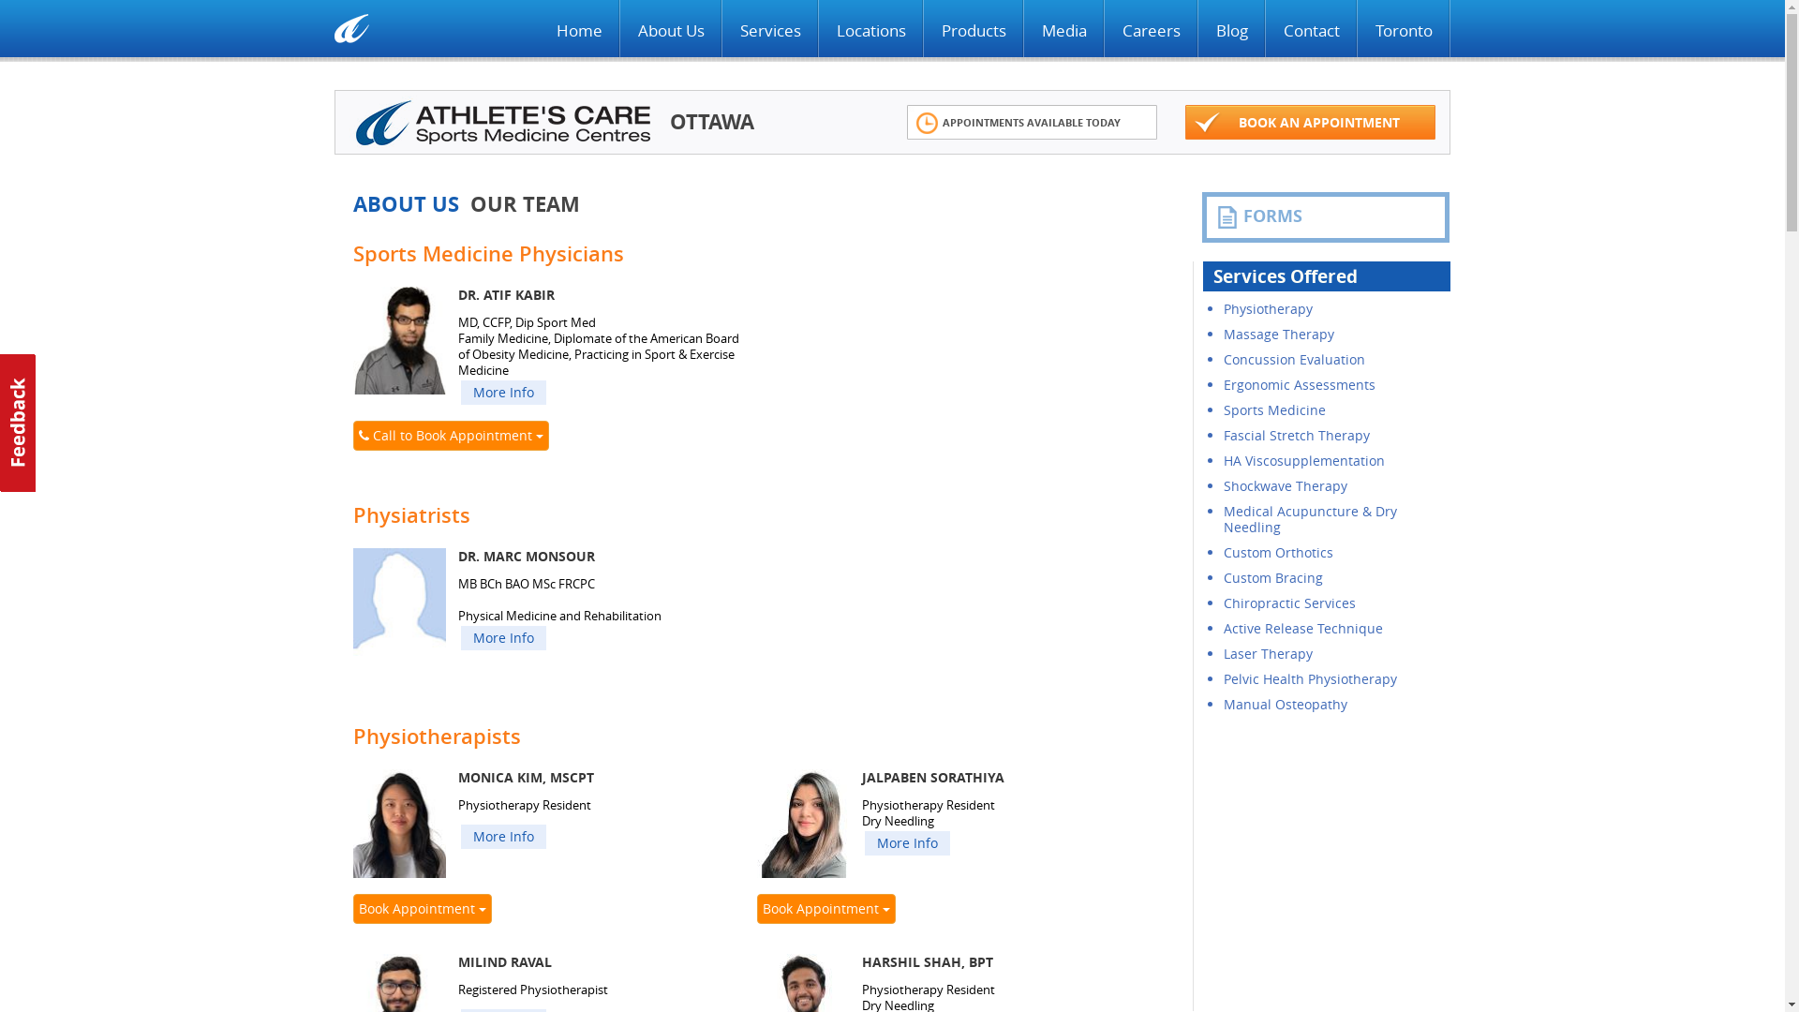 This screenshot has height=1012, width=1799. I want to click on 'About Us', so click(620, 31).